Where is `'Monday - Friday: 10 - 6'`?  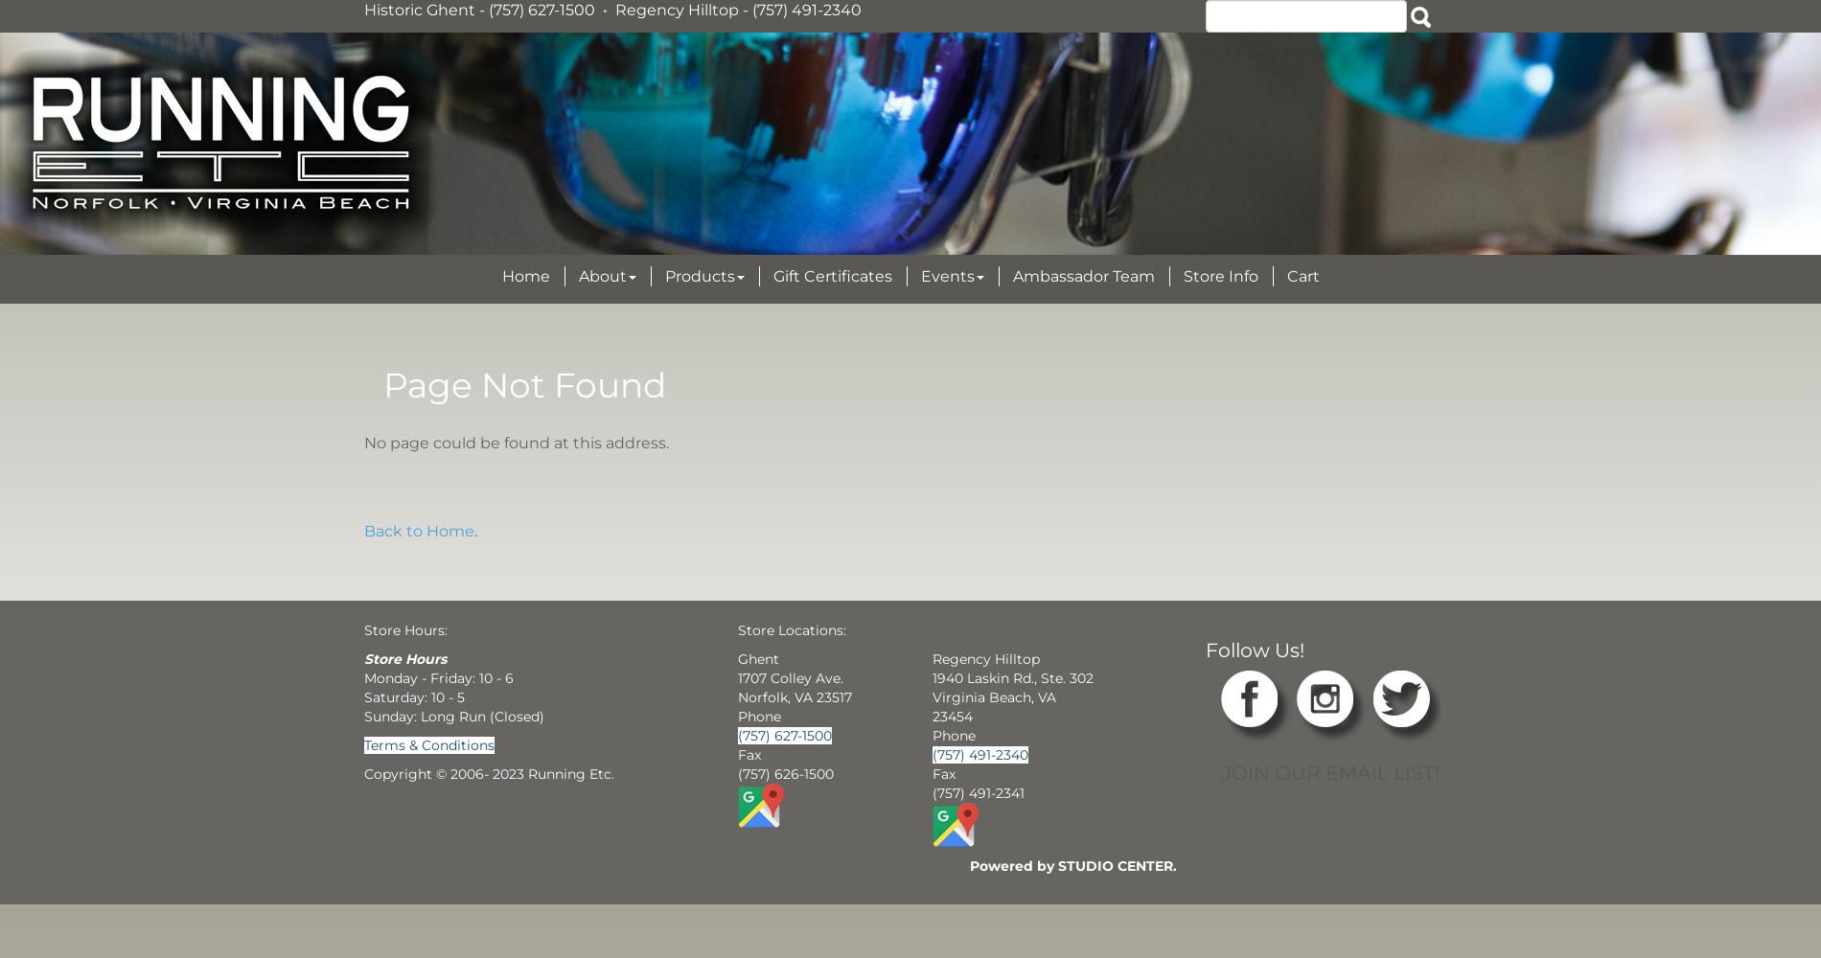
'Monday - Friday: 10 - 6' is located at coordinates (363, 676).